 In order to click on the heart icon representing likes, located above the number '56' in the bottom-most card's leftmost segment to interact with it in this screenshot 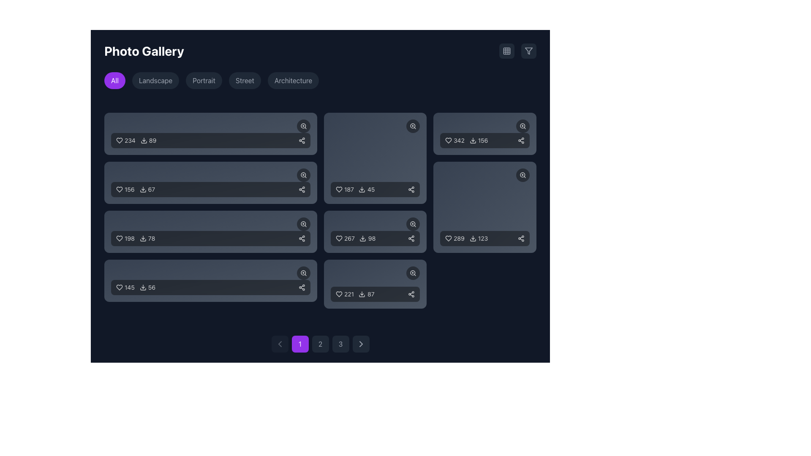, I will do `click(125, 287)`.